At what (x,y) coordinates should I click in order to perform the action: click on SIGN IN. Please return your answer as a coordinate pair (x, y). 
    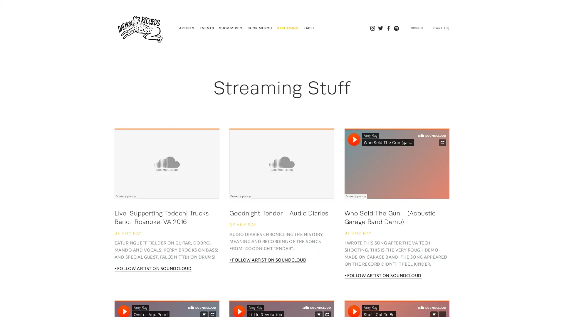
    Looking at the image, I should click on (417, 28).